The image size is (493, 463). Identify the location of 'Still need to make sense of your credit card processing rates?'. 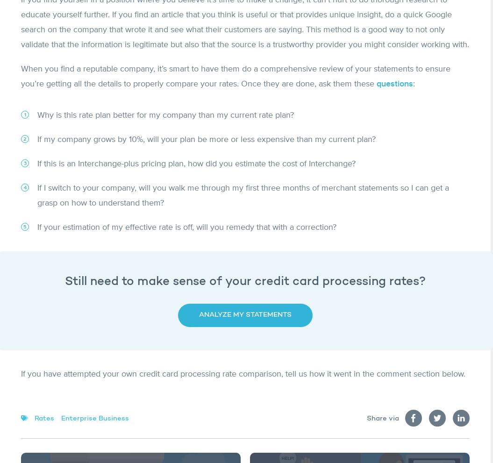
(245, 282).